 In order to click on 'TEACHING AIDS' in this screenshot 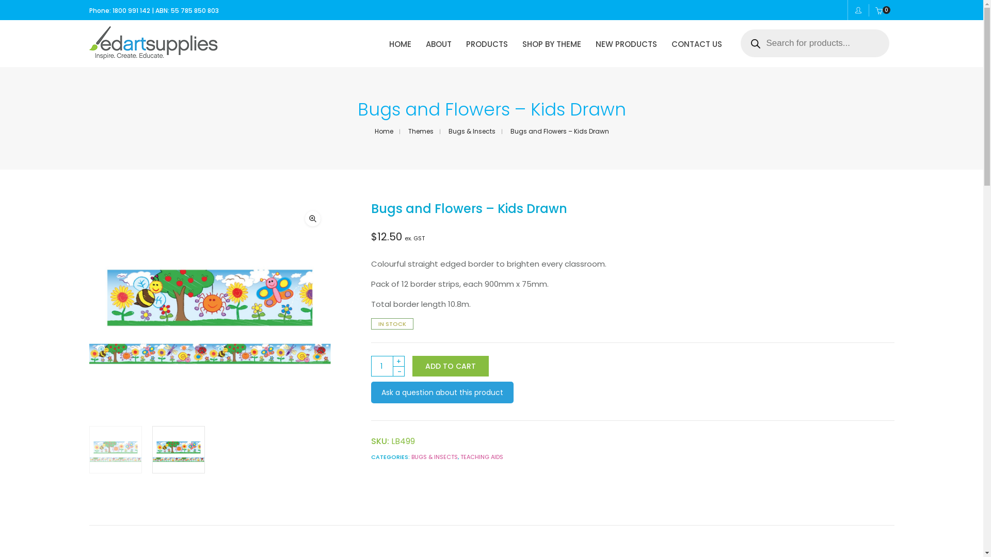, I will do `click(481, 456)`.